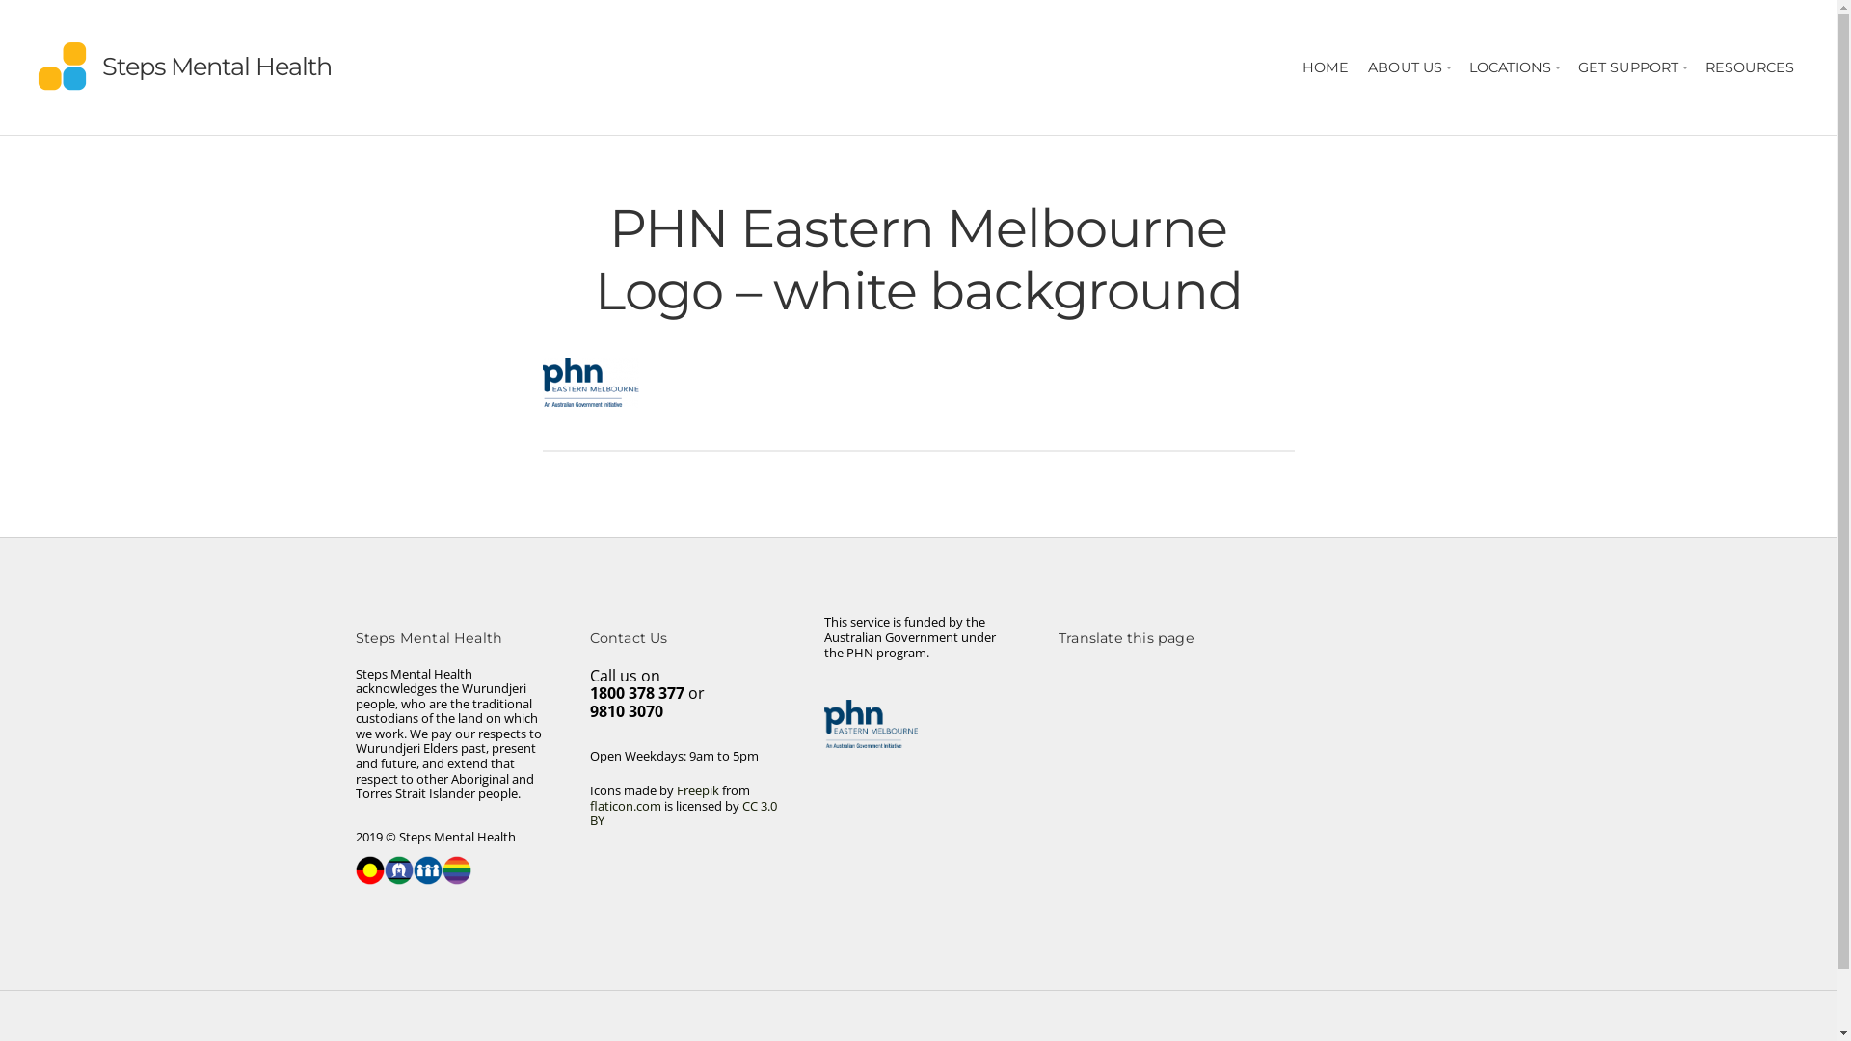 The image size is (1851, 1041). Describe the element at coordinates (1408, 66) in the screenshot. I see `'ABOUT US'` at that location.